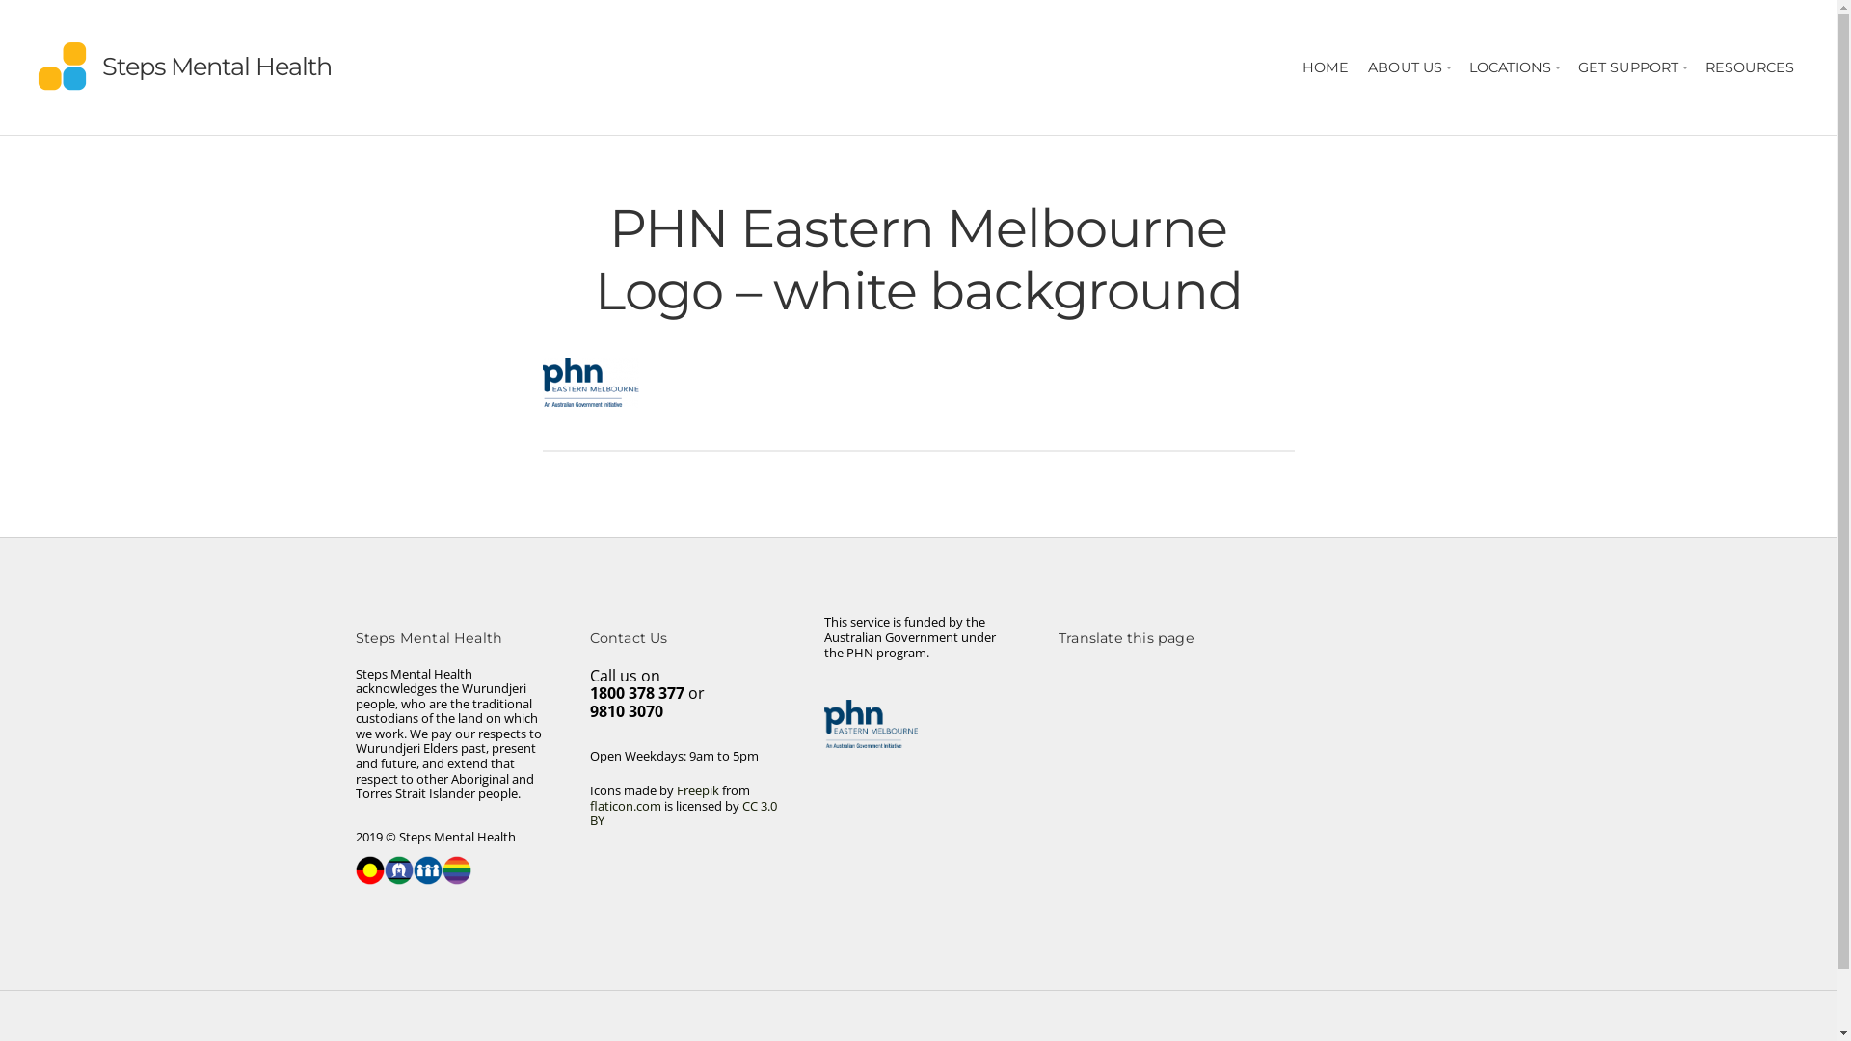 The image size is (1851, 1041). Describe the element at coordinates (1408, 66) in the screenshot. I see `'ABOUT US'` at that location.